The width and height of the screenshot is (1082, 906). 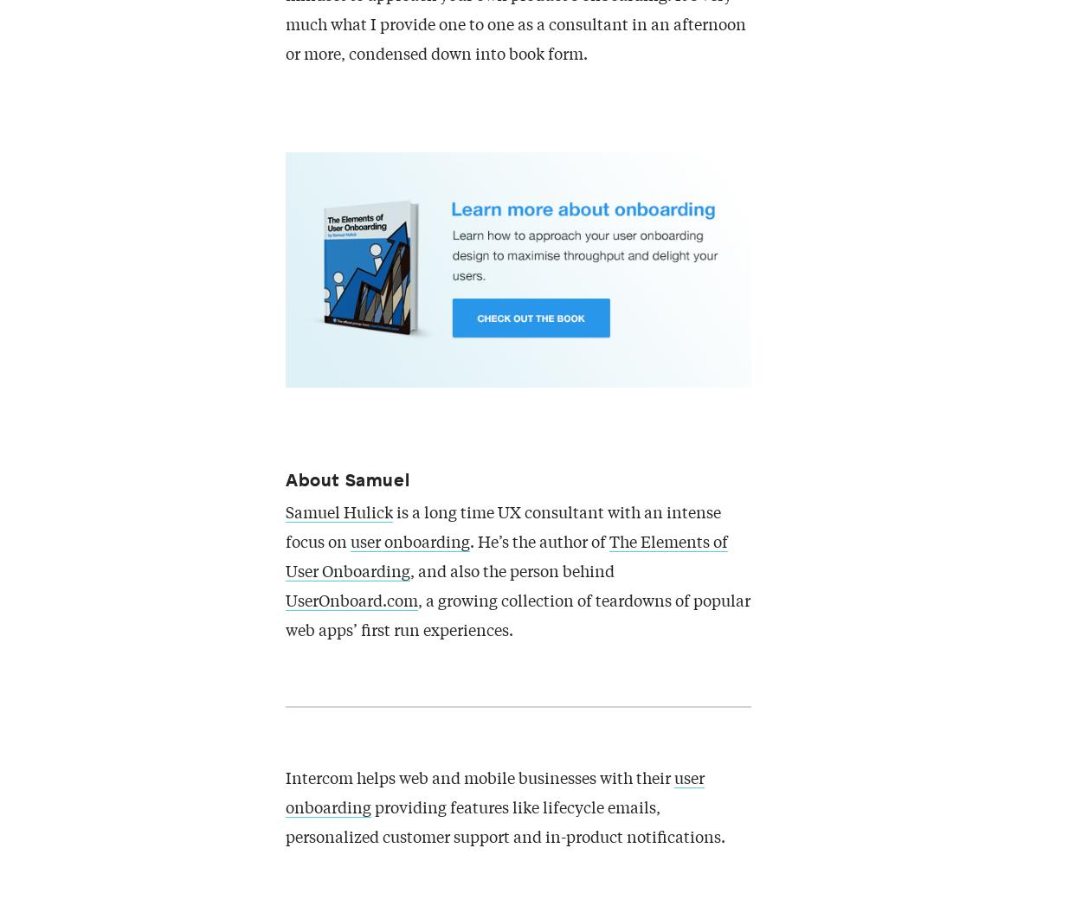 What do you see at coordinates (347, 479) in the screenshot?
I see `'About Samuel'` at bounding box center [347, 479].